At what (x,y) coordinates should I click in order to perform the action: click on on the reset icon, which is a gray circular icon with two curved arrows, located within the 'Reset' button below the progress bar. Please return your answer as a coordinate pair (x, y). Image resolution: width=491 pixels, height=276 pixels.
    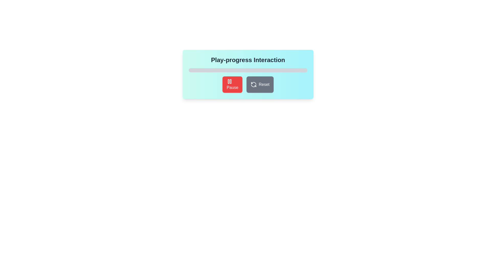
    Looking at the image, I should click on (253, 84).